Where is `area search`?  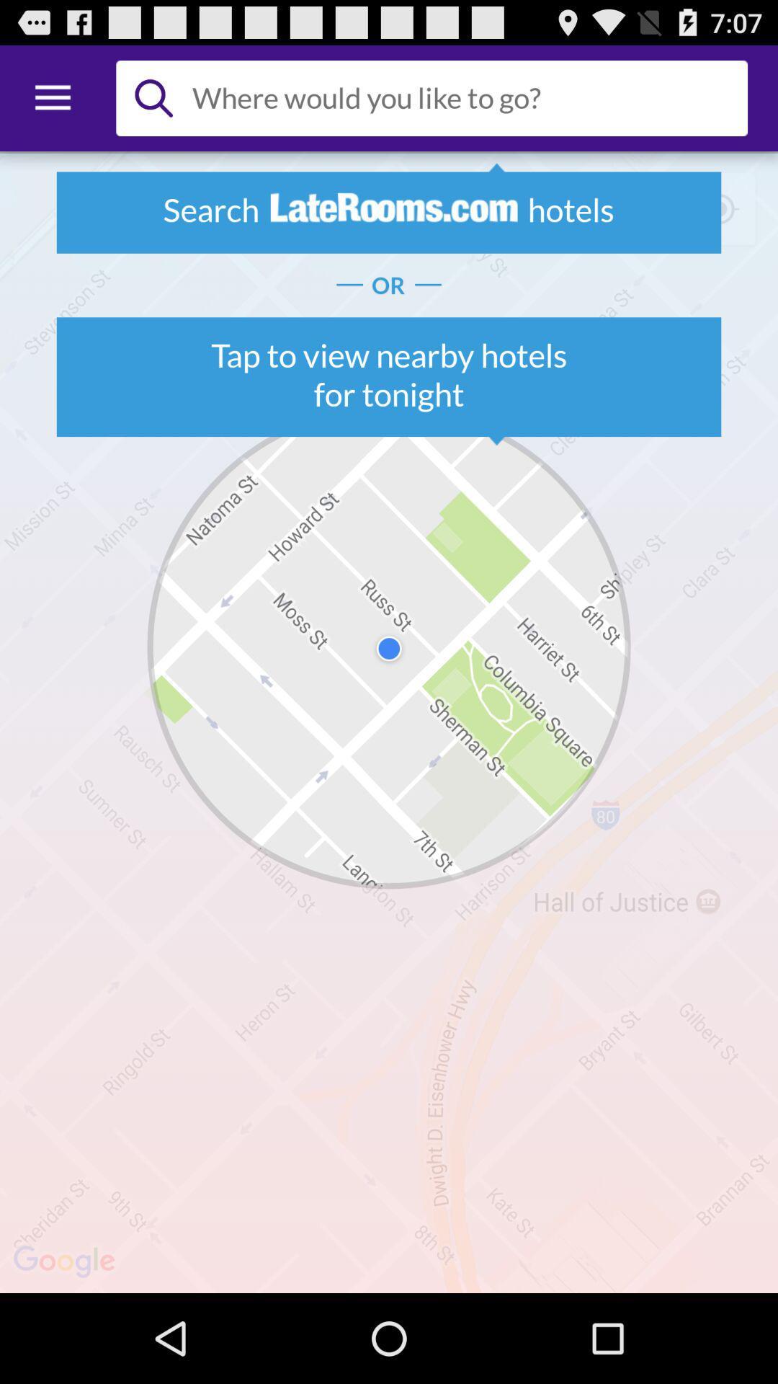 area search is located at coordinates (464, 97).